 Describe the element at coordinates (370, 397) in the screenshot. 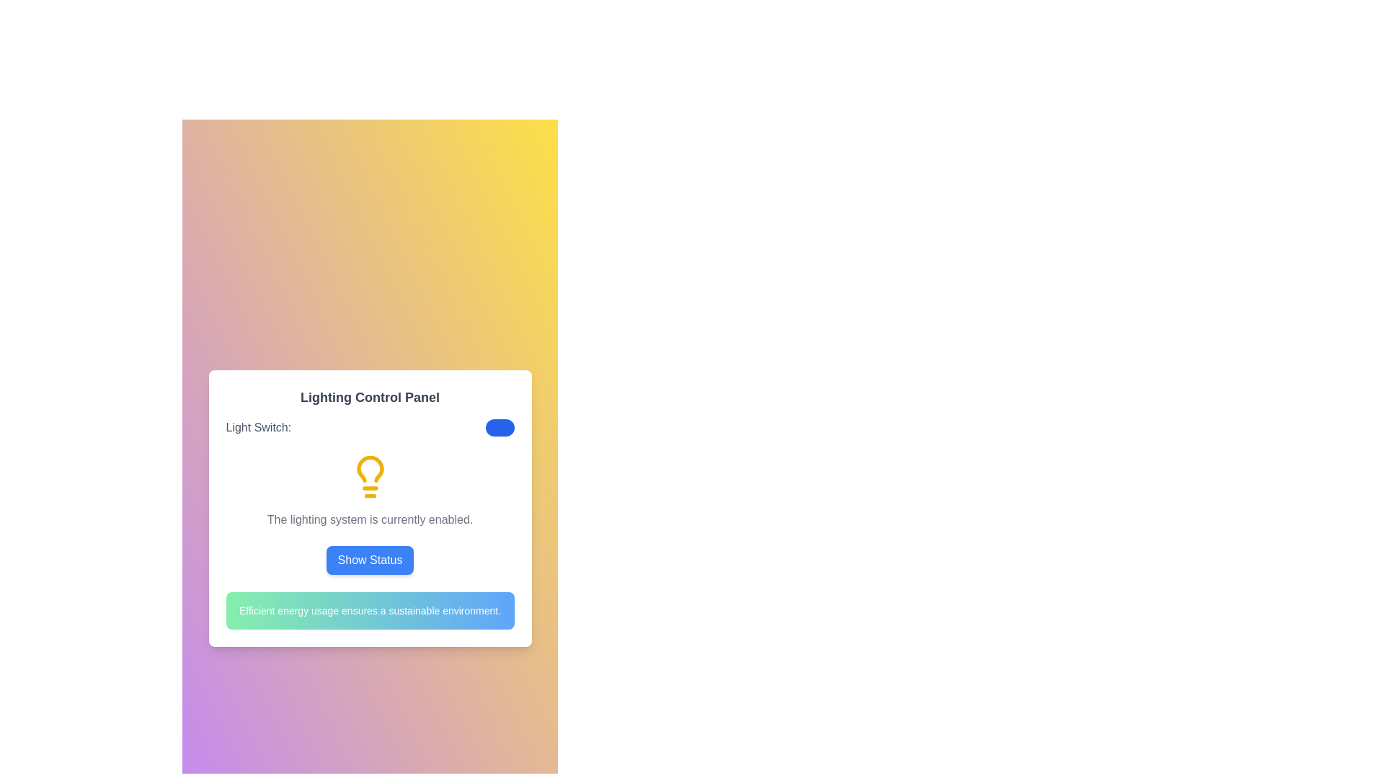

I see `title from the Text Display element that serves as a heading for the lighting control panel, positioned at the top of the card interface` at that location.